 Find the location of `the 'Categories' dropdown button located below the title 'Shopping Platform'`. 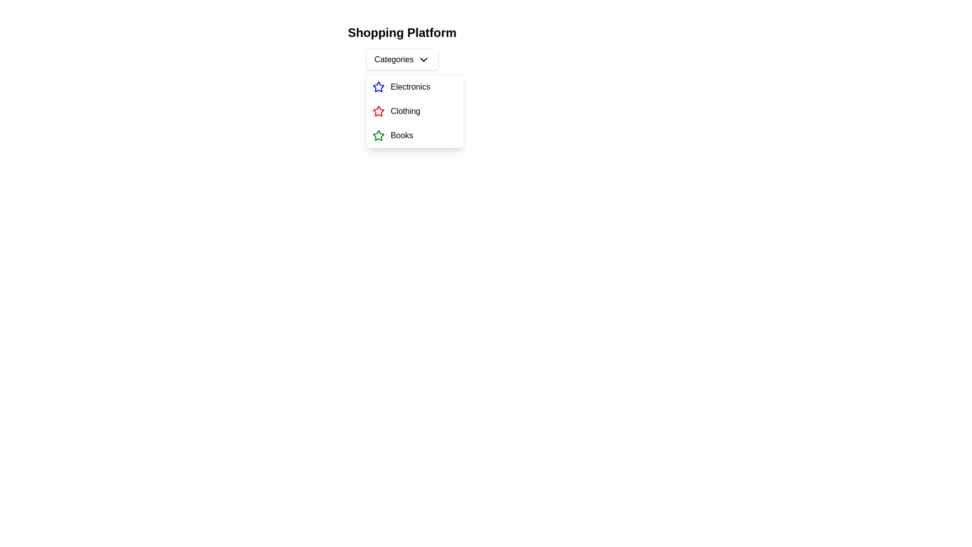

the 'Categories' dropdown button located below the title 'Shopping Platform' is located at coordinates (401, 60).